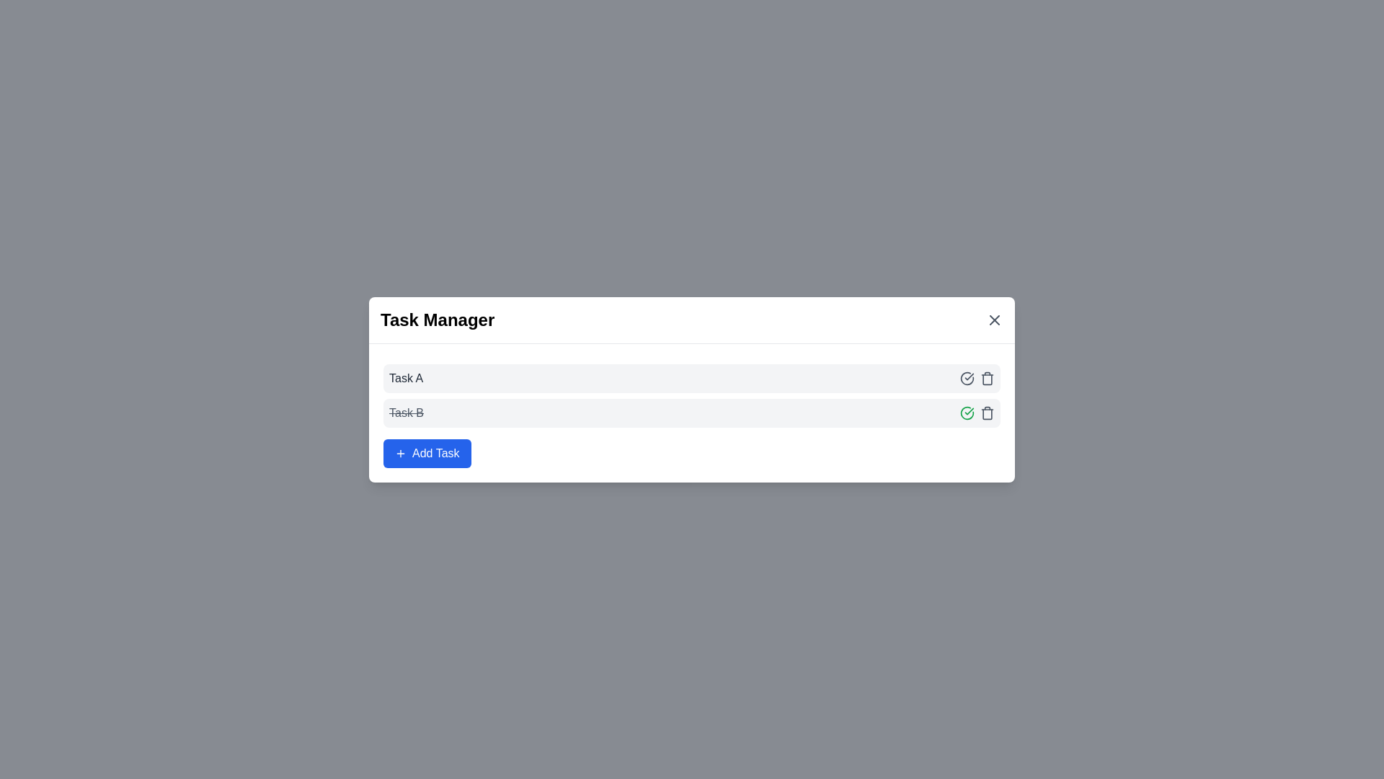  What do you see at coordinates (994, 319) in the screenshot?
I see `the 'Close' or 'Dismiss' icon located in the top-right corner of the 'Task Manager' card` at bounding box center [994, 319].